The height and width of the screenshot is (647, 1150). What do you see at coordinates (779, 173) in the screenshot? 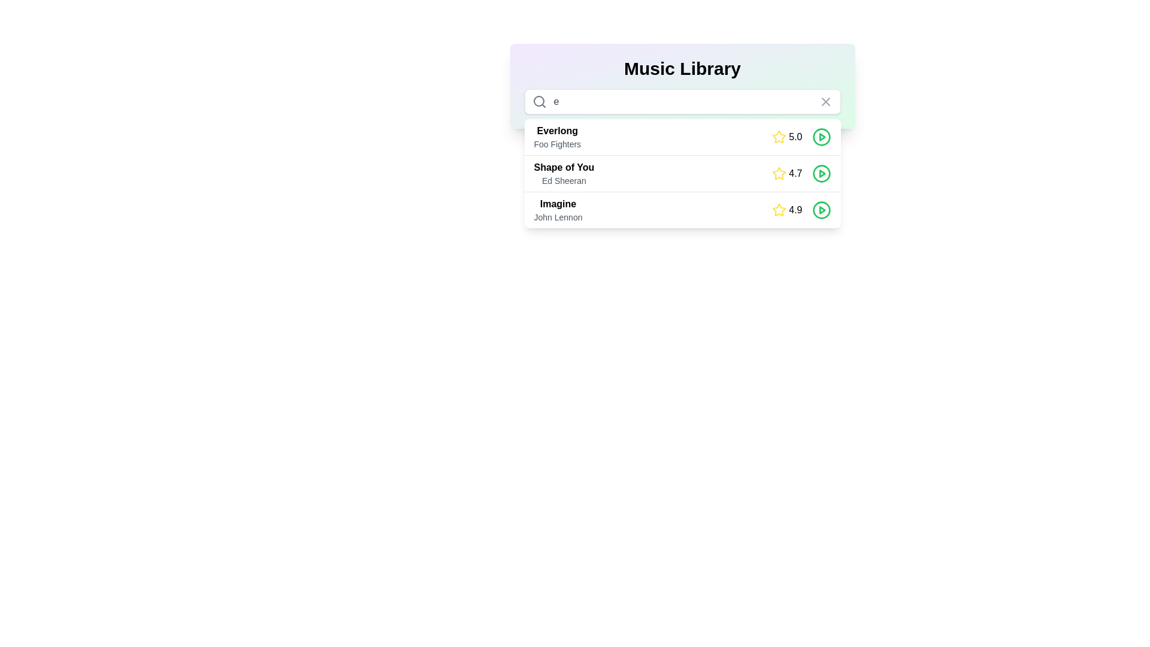
I see `the star icon located at the right side of the second row in the music library interface to rate it` at bounding box center [779, 173].